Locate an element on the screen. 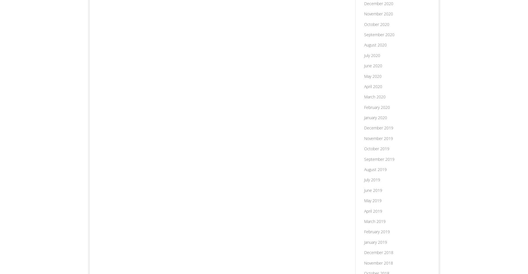  'September 2020' is located at coordinates (378, 34).